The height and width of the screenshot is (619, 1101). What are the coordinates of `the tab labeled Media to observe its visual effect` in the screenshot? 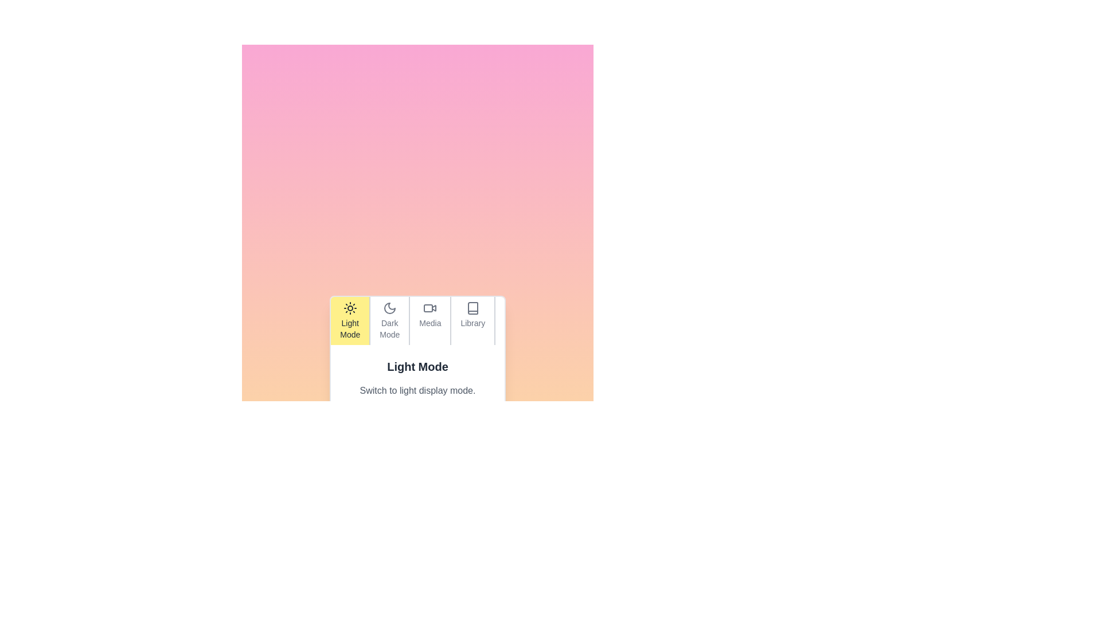 It's located at (428, 320).